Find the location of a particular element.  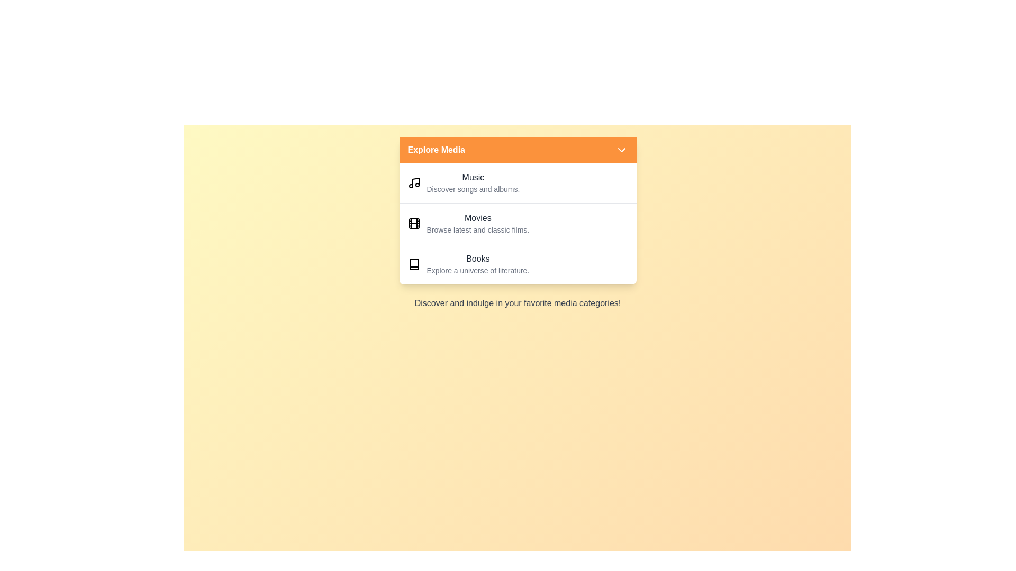

'Explore Media' button to toggle the visibility of the media categories list is located at coordinates (518, 150).